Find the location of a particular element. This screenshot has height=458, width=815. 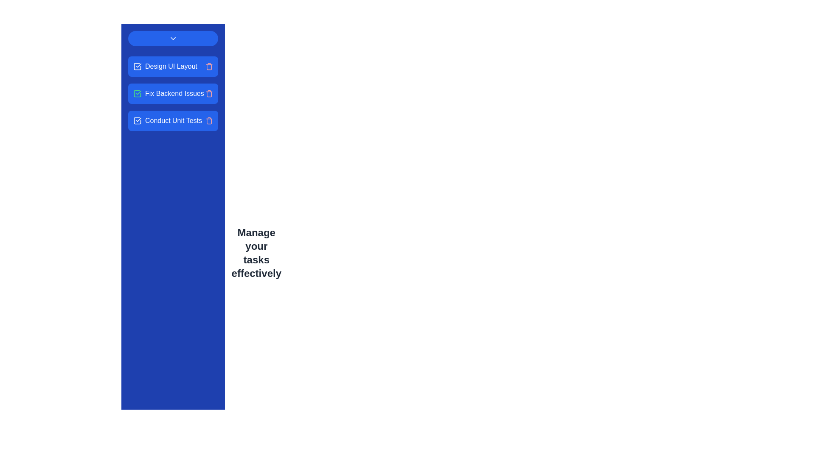

the checkbox with a checkmark inside, styled as part of a task list item, located to the left of the text 'Design UI Layout' is located at coordinates (138, 66).